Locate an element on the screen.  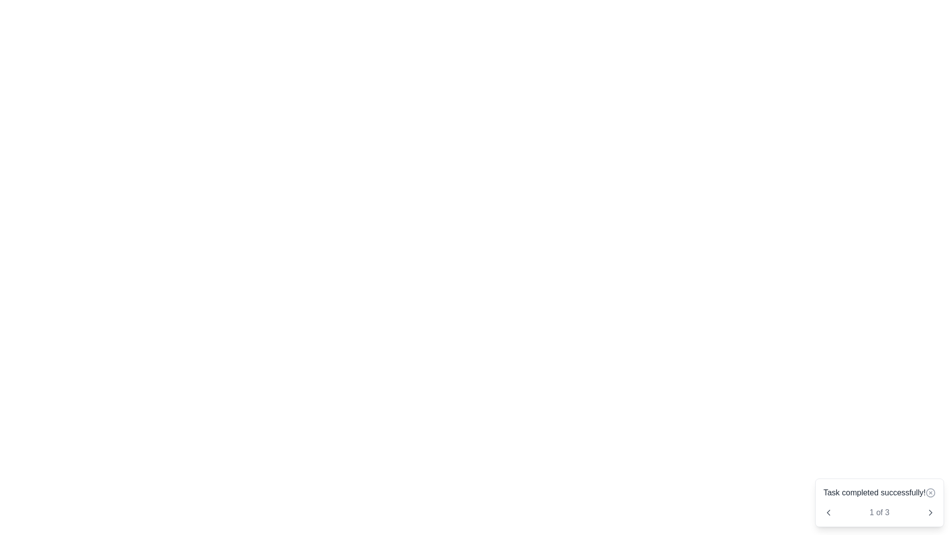
the notification area to read the message is located at coordinates (879, 493).